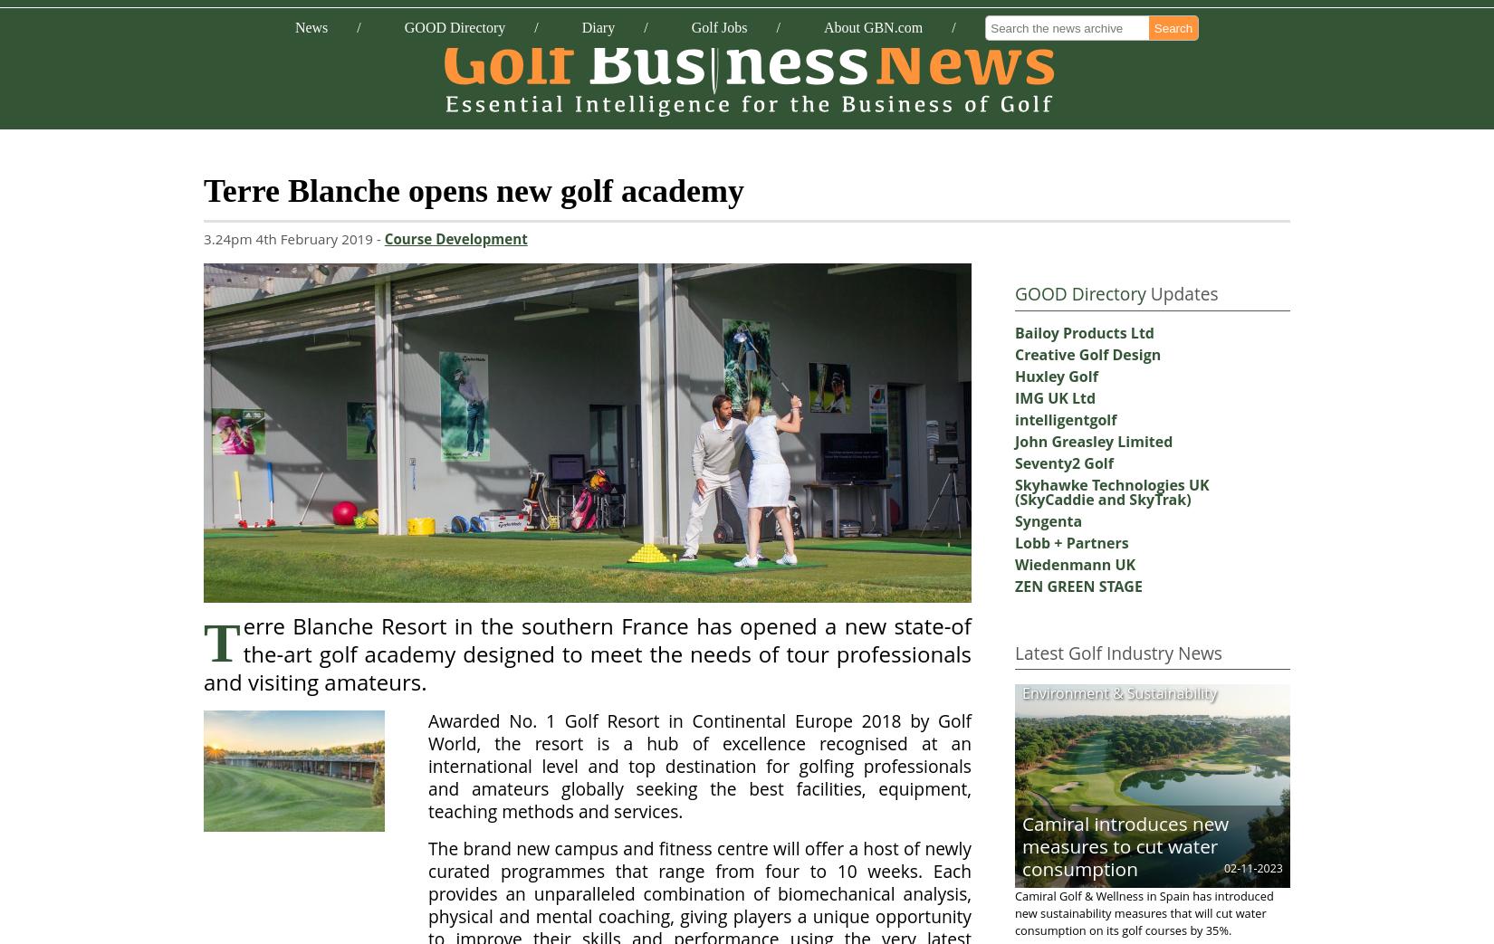 This screenshot has height=944, width=1494. Describe the element at coordinates (1111, 491) in the screenshot. I see `'Skyhawke Technologies UK (SkyCaddie and SkyTrak)'` at that location.